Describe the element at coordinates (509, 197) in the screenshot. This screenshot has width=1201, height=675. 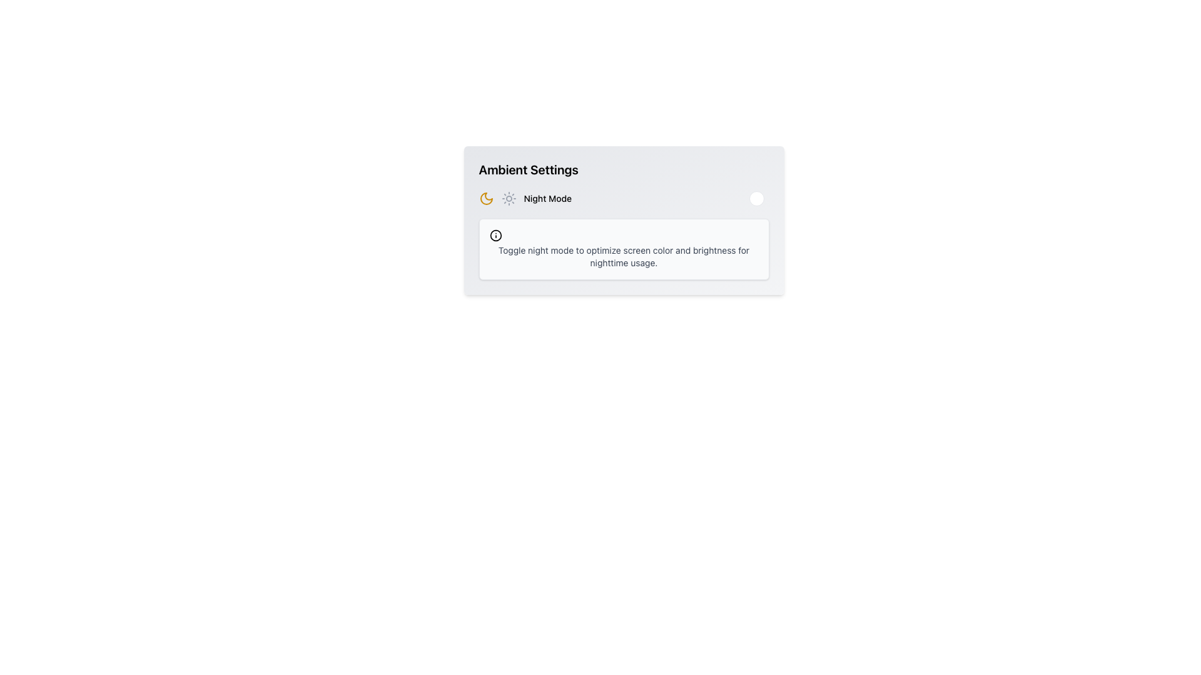
I see `the state of the gray circular icon with a sun-like symbol, positioned to the right of the yellow moon icon and to the left of the 'Night Mode' text label` at that location.